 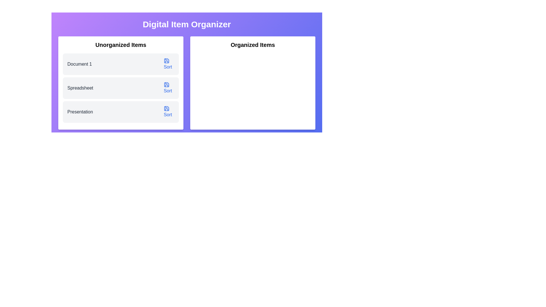 What do you see at coordinates (79, 64) in the screenshot?
I see `the text label displaying 'Document 1' located in the 'Unorganized Items' section, which is the first item in a vertical list` at bounding box center [79, 64].